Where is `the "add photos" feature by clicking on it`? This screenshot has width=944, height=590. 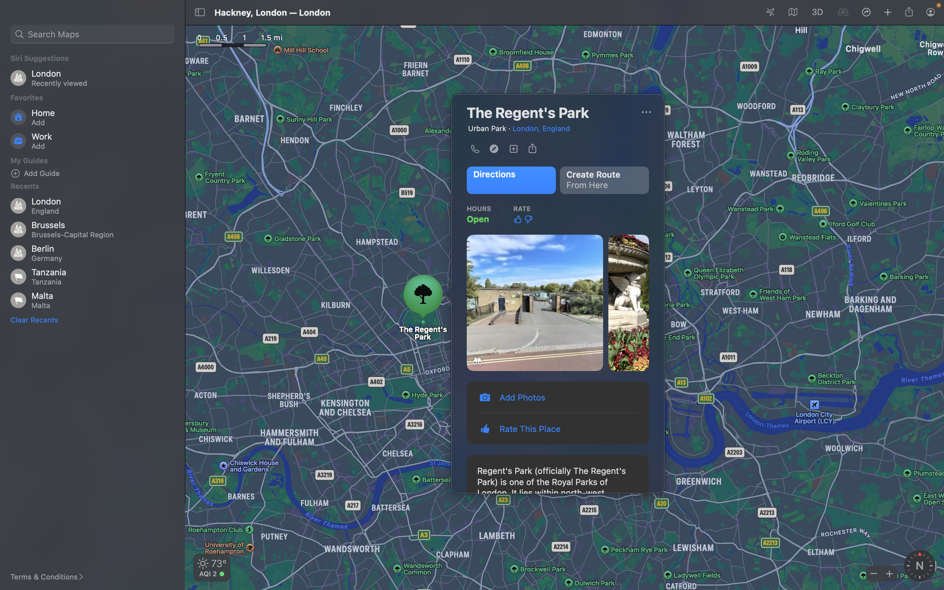 the "add photos" feature by clicking on it is located at coordinates (558, 396).